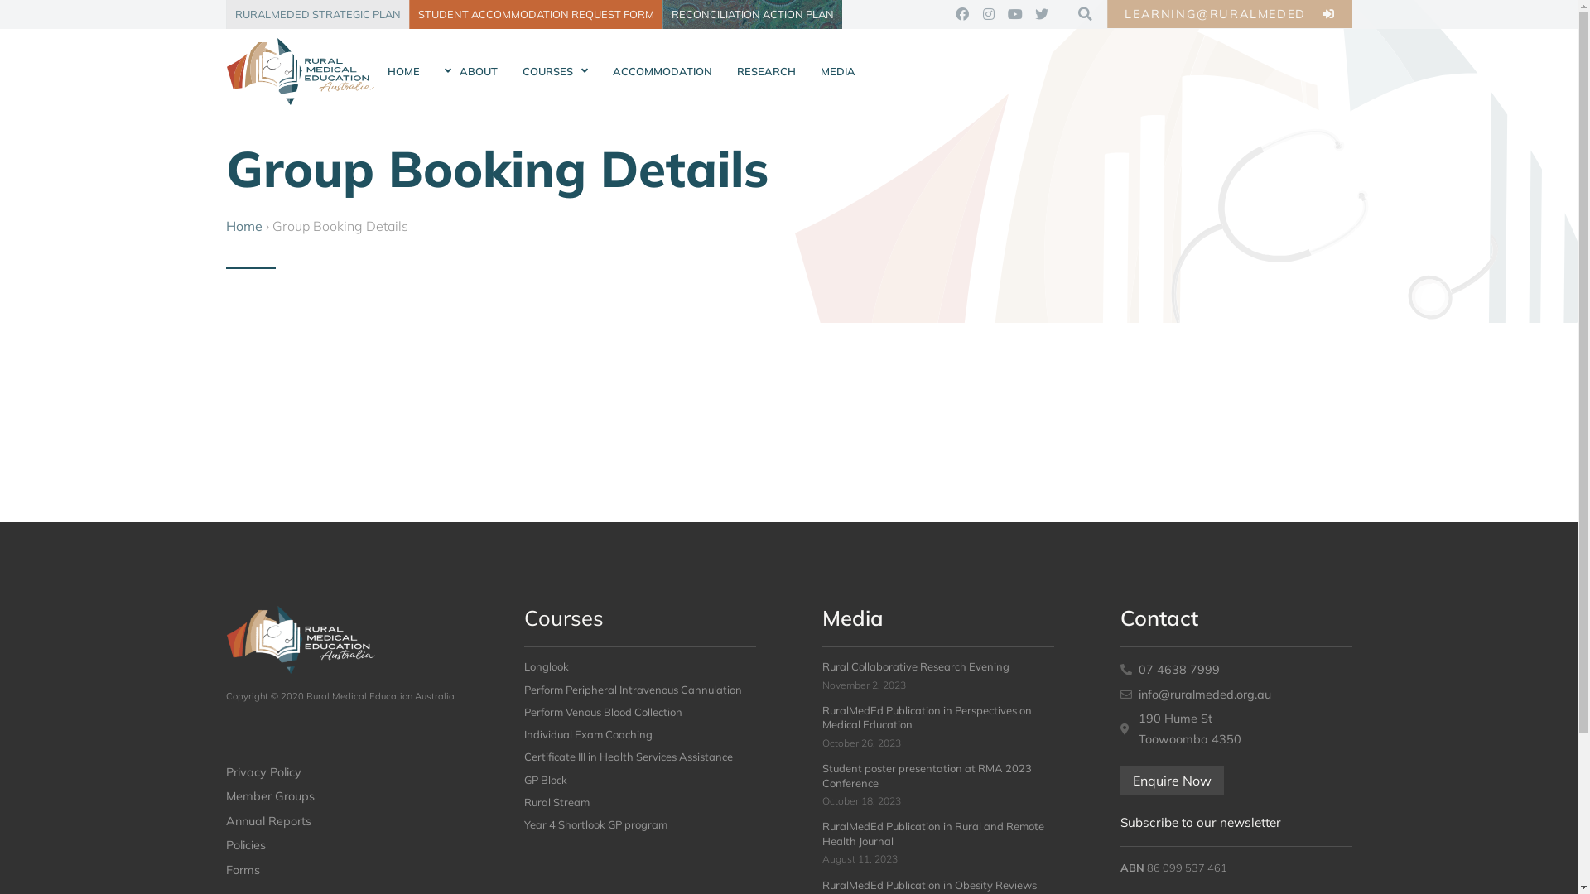 This screenshot has height=894, width=1590. I want to click on '190 Hume St, so click(1120, 728).